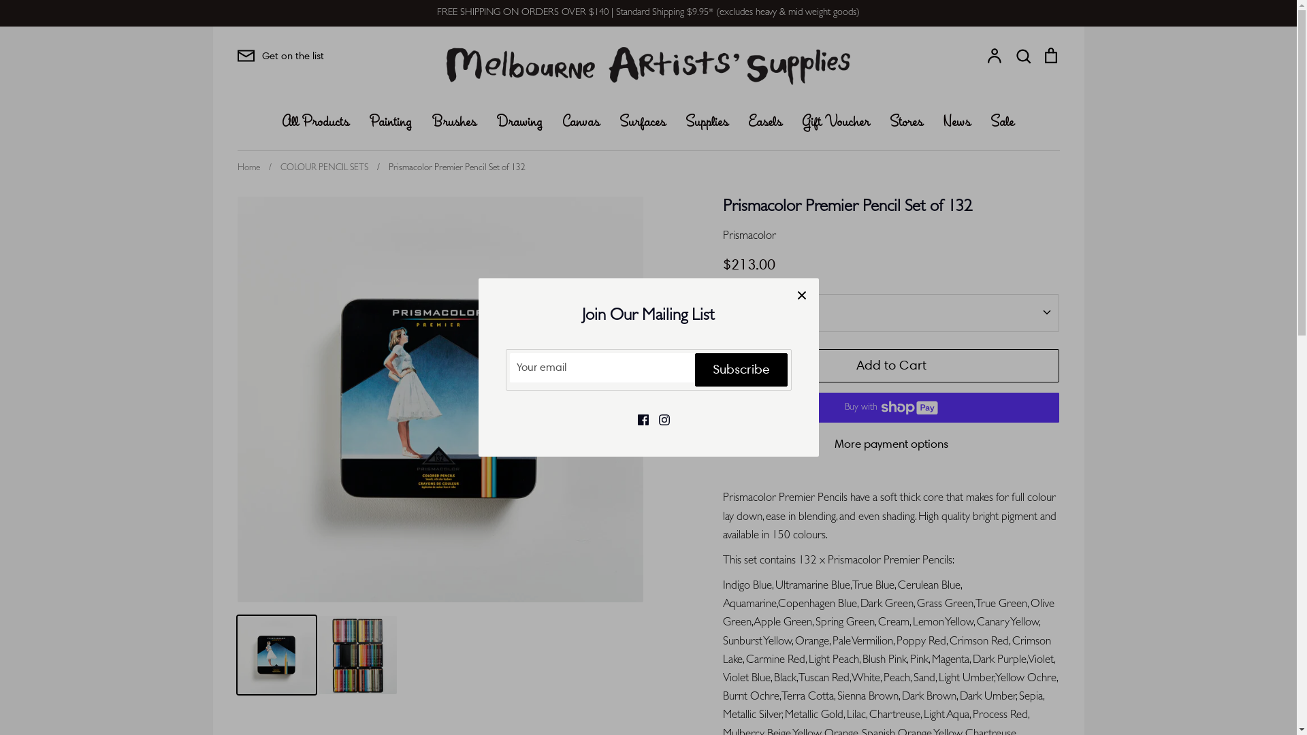  I want to click on 'Cart', so click(1049, 55).